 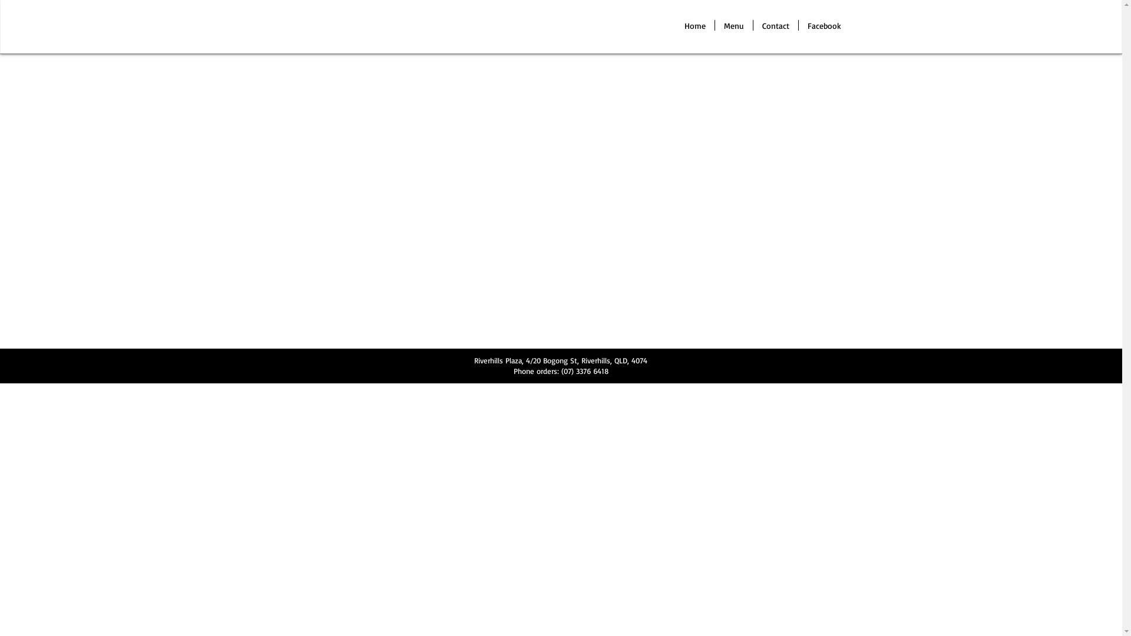 What do you see at coordinates (695, 25) in the screenshot?
I see `'Home'` at bounding box center [695, 25].